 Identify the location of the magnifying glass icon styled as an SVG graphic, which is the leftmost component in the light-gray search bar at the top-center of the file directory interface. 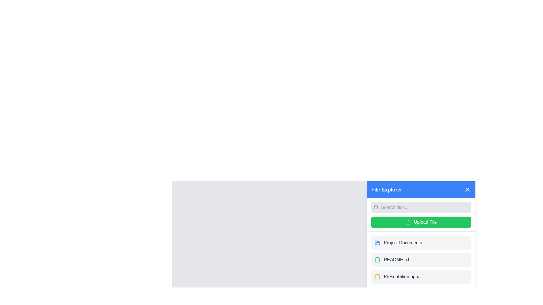
(376, 208).